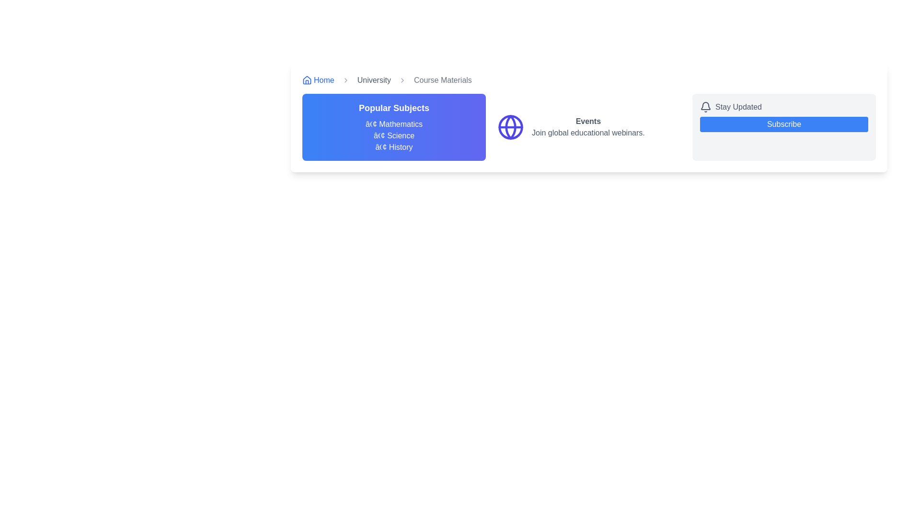 This screenshot has height=517, width=920. What do you see at coordinates (510, 127) in the screenshot?
I see `the globe icon which is indigo in color and positioned immediately to the left of the text 'Events'` at bounding box center [510, 127].